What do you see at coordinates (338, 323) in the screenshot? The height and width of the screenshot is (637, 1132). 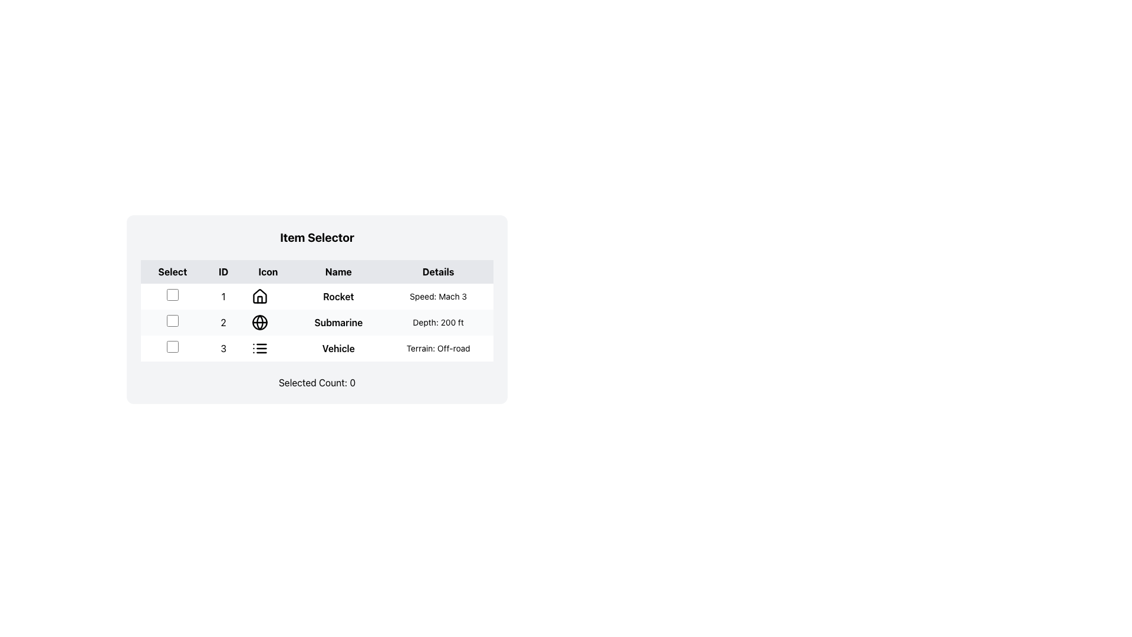 I see `the text label located in the second row of the table under the 'Name' column, which serves as the title for the second item in the list` at bounding box center [338, 323].